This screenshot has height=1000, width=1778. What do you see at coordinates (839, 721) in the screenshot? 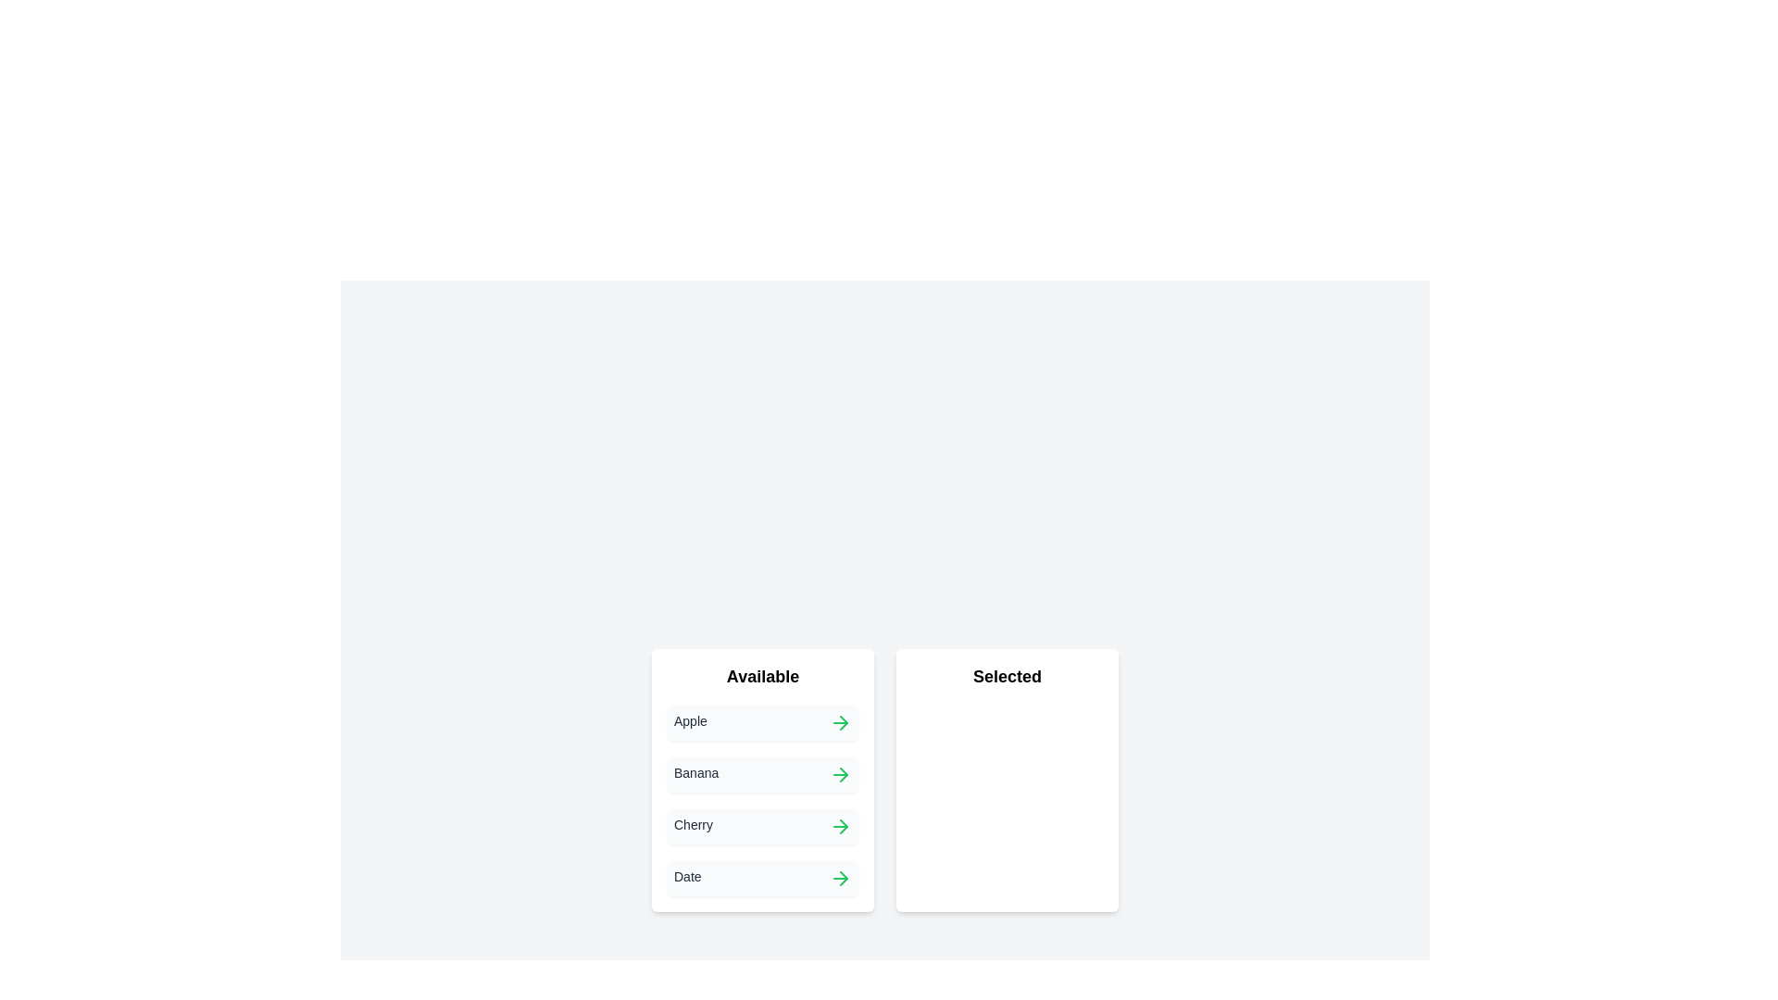
I see `the green arrow button next to the item 'Apple' in the 'Available' list to transfer it to the 'Selected' list` at bounding box center [839, 721].